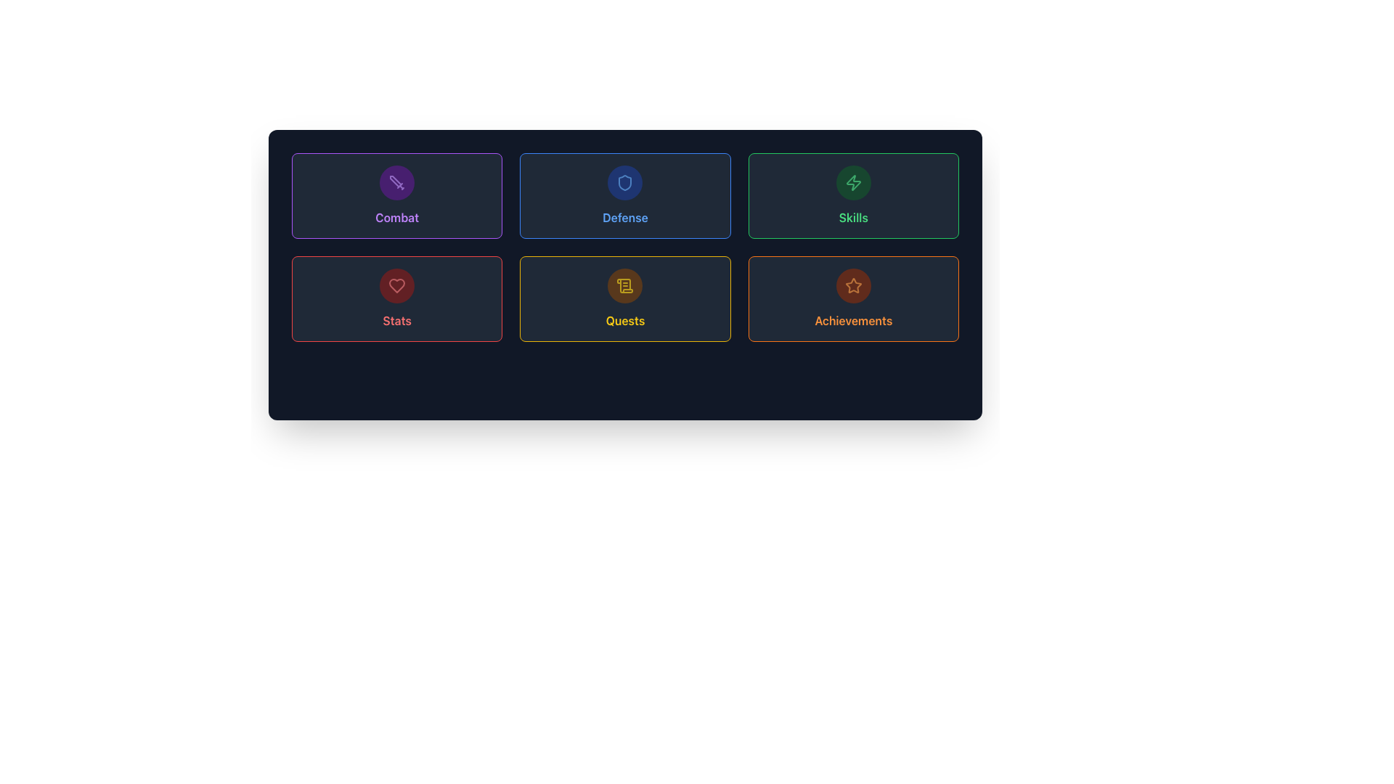 The width and height of the screenshot is (1394, 784). Describe the element at coordinates (625, 285) in the screenshot. I see `the Circular Button with Icon in the 'Quests' section for keyboard interactions` at that location.